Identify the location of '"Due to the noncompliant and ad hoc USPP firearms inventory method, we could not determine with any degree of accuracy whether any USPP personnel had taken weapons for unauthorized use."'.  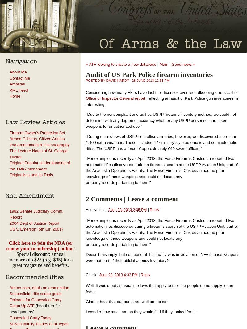
(160, 120).